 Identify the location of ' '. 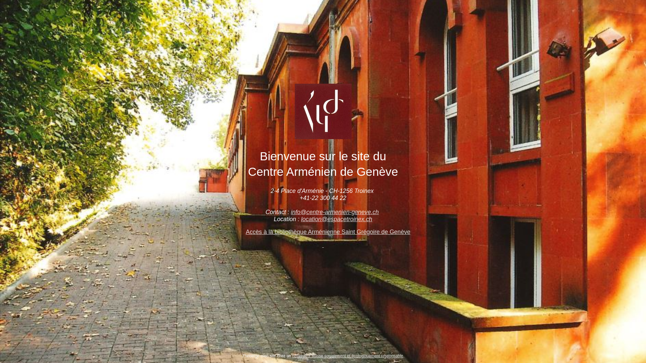
(323, 245).